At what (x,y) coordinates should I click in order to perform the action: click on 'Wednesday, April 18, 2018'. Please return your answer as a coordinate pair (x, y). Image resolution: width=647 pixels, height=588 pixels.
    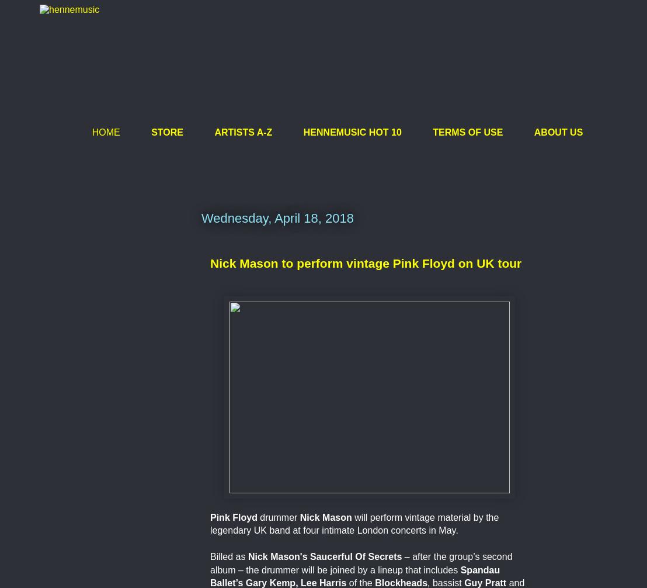
    Looking at the image, I should click on (277, 217).